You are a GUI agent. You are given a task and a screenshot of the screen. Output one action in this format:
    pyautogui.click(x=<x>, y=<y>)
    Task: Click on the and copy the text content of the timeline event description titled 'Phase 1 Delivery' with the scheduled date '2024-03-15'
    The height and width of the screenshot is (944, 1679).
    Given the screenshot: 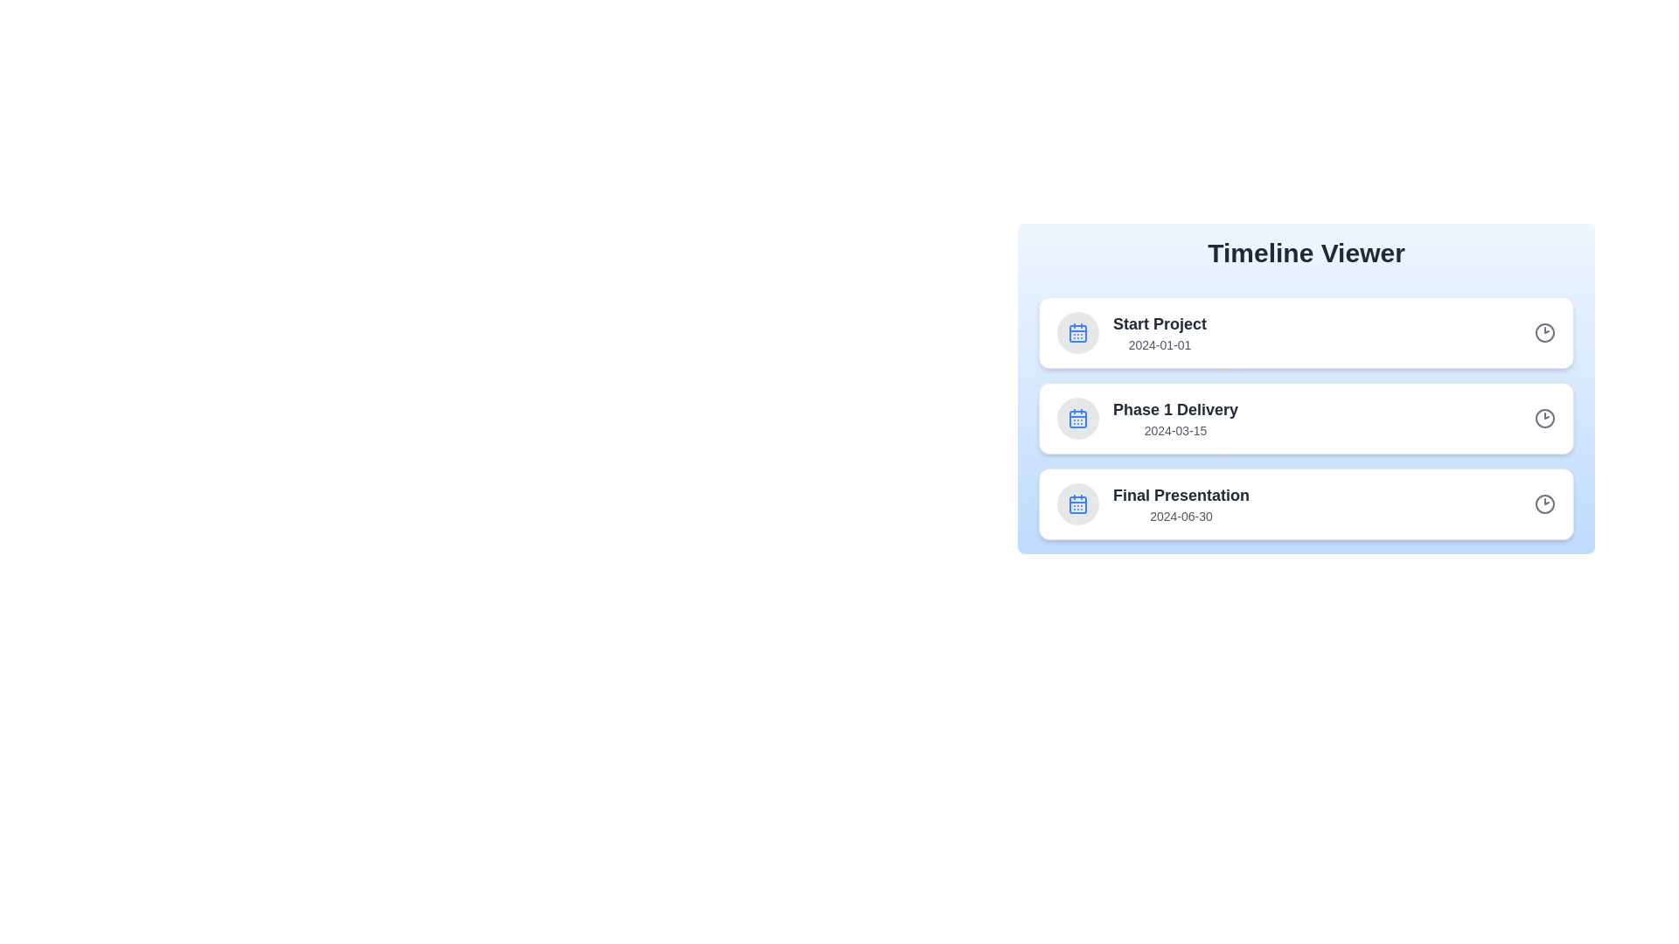 What is the action you would take?
    pyautogui.click(x=1175, y=418)
    